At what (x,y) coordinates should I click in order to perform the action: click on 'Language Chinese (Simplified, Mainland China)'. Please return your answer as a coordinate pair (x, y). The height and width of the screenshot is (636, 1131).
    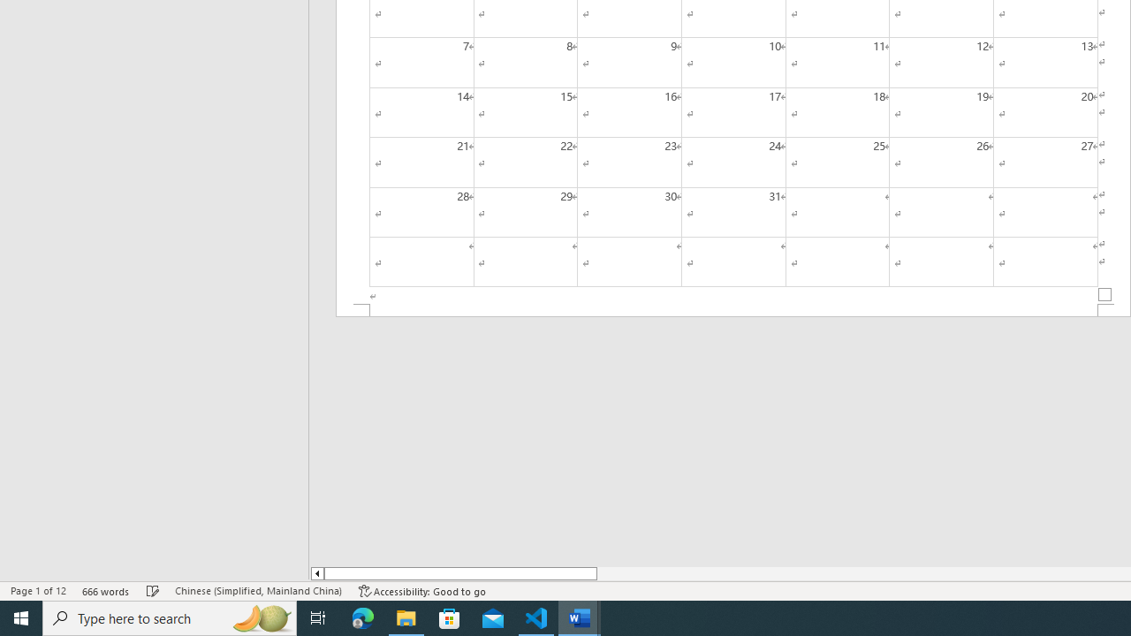
    Looking at the image, I should click on (257, 591).